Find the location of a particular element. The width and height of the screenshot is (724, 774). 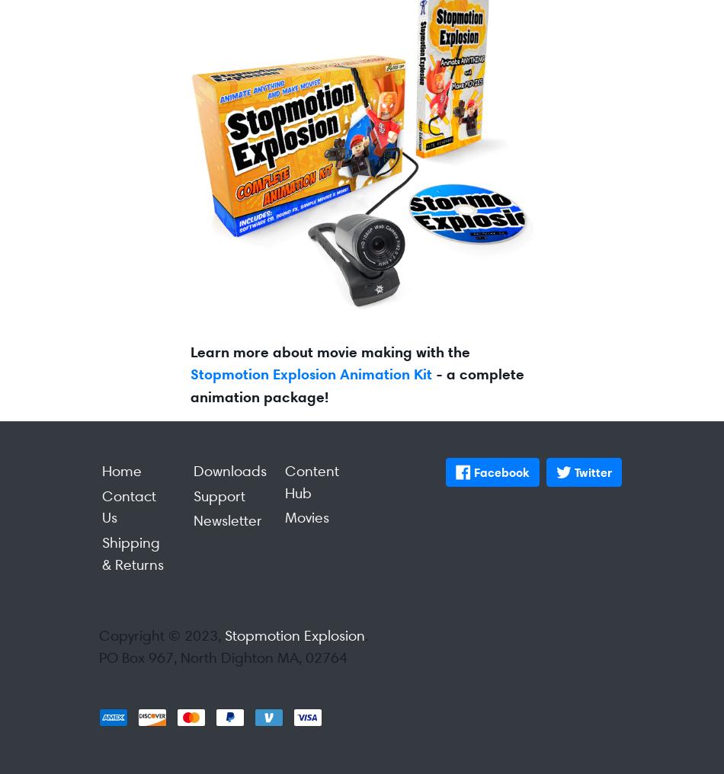

'.' is located at coordinates (366, 635).